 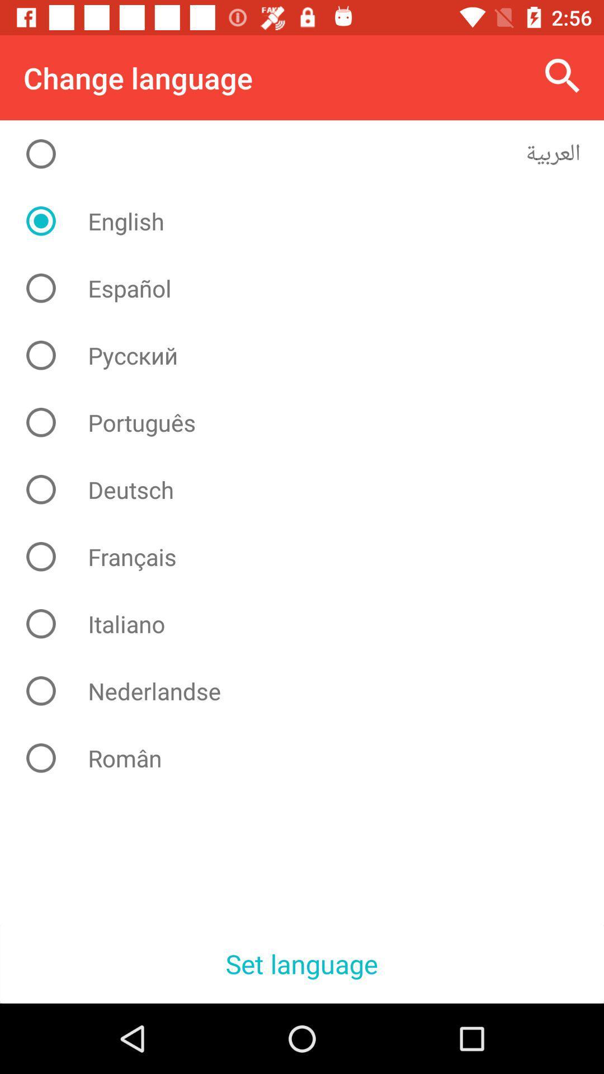 I want to click on item above set language, so click(x=310, y=758).